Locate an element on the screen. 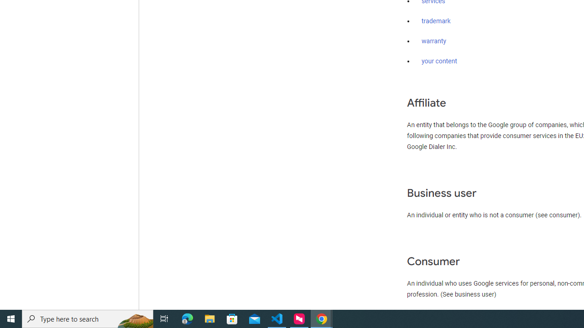 Image resolution: width=584 pixels, height=328 pixels. 'trademark' is located at coordinates (436, 21).